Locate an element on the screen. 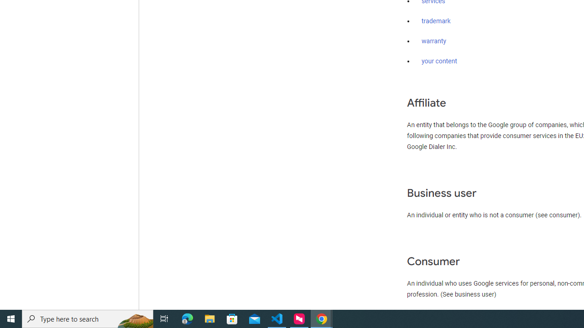 Image resolution: width=584 pixels, height=328 pixels. 'trademark' is located at coordinates (436, 21).